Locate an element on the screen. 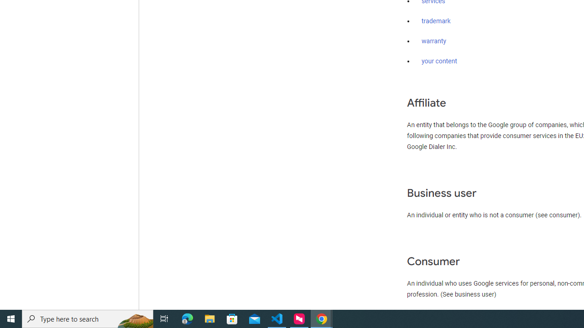 Image resolution: width=584 pixels, height=328 pixels. 'trademark' is located at coordinates (436, 21).